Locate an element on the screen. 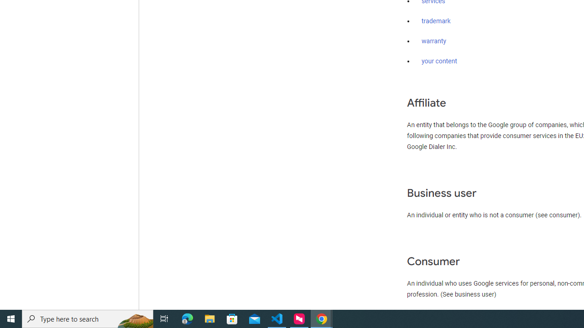 Image resolution: width=584 pixels, height=328 pixels. 'trademark' is located at coordinates (436, 21).